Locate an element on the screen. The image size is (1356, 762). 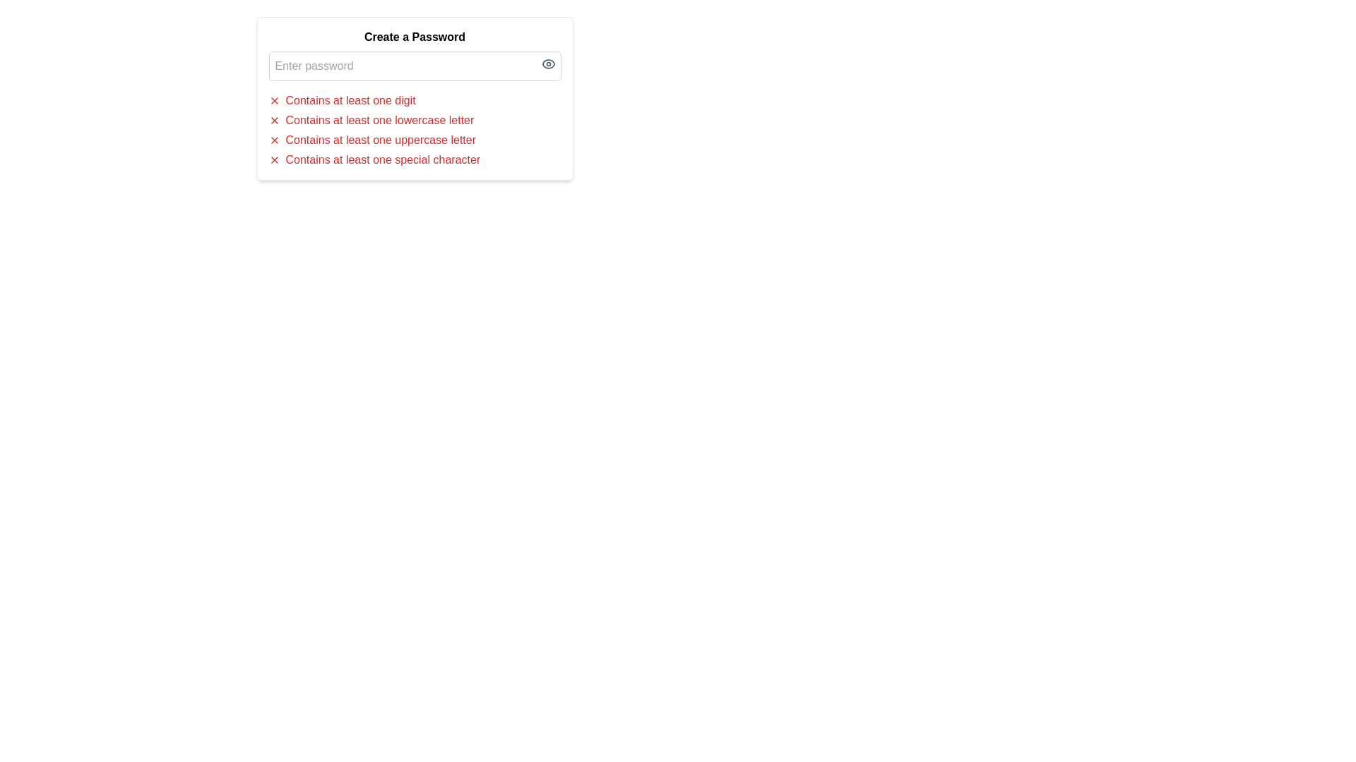
the text label displaying 'Contains at least one digit', which is styled in red and positioned as the first item in a list below the 'Create a Password' input field is located at coordinates (350, 99).